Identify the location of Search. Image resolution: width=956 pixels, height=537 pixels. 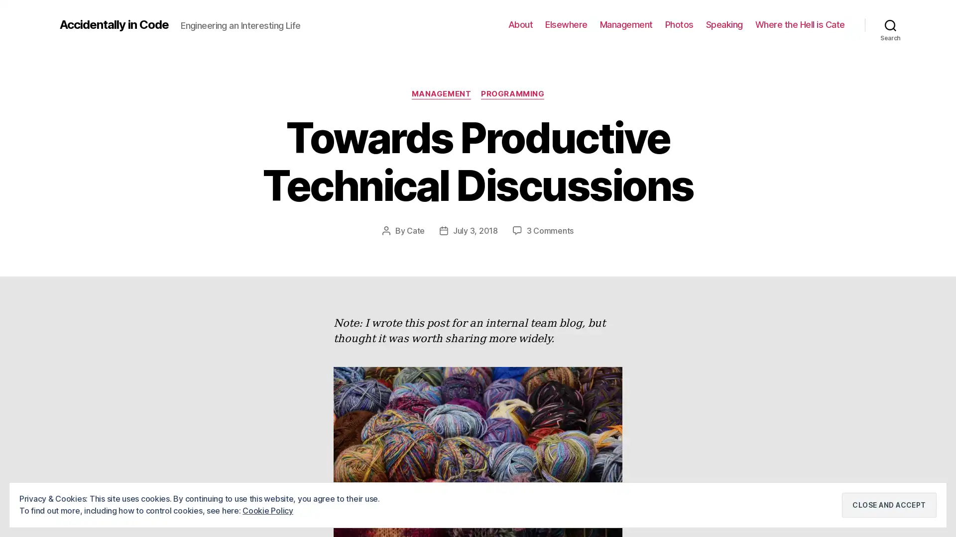
(890, 24).